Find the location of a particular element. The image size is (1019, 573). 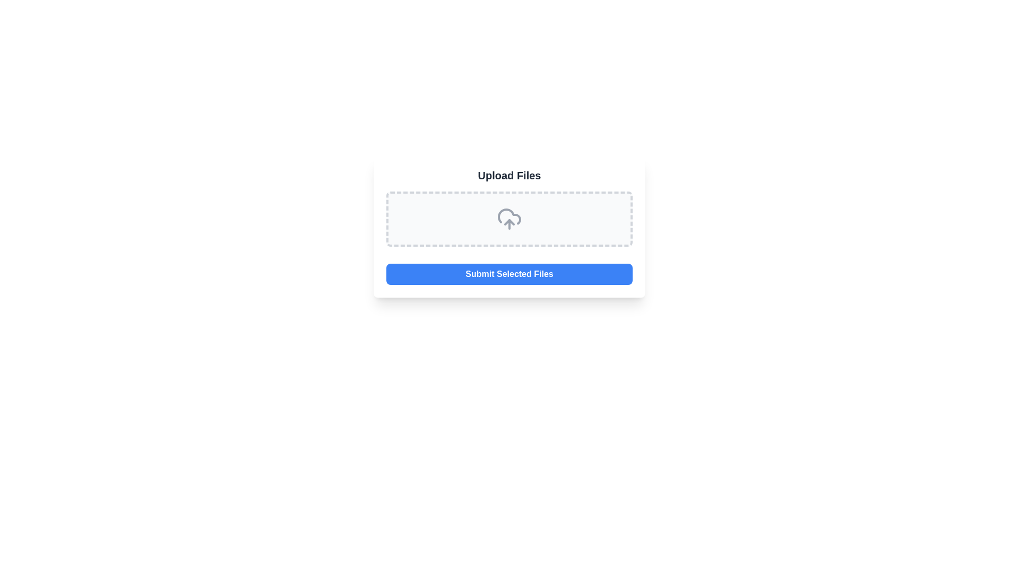

the invisible file input area located within the bordered, dashed rectangle that spans the entirety of the area, which features a centrally aligned upload icon is located at coordinates (509, 218).